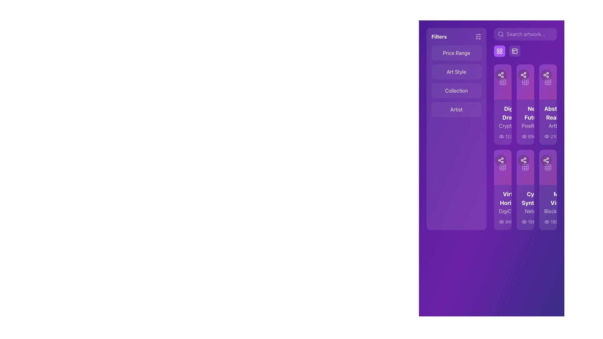  Describe the element at coordinates (539, 75) in the screenshot. I see `the circular Icon button with a sharing icon` at that location.